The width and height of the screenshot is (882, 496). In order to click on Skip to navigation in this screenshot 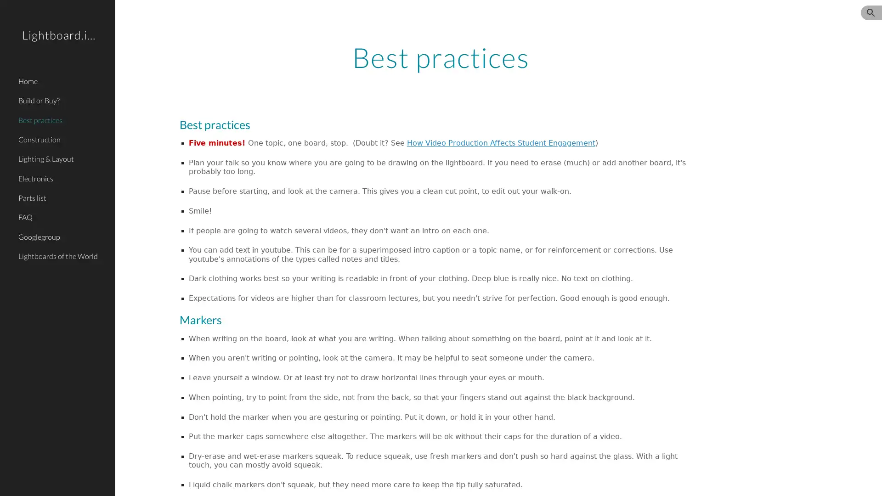, I will do `click(523, 17)`.